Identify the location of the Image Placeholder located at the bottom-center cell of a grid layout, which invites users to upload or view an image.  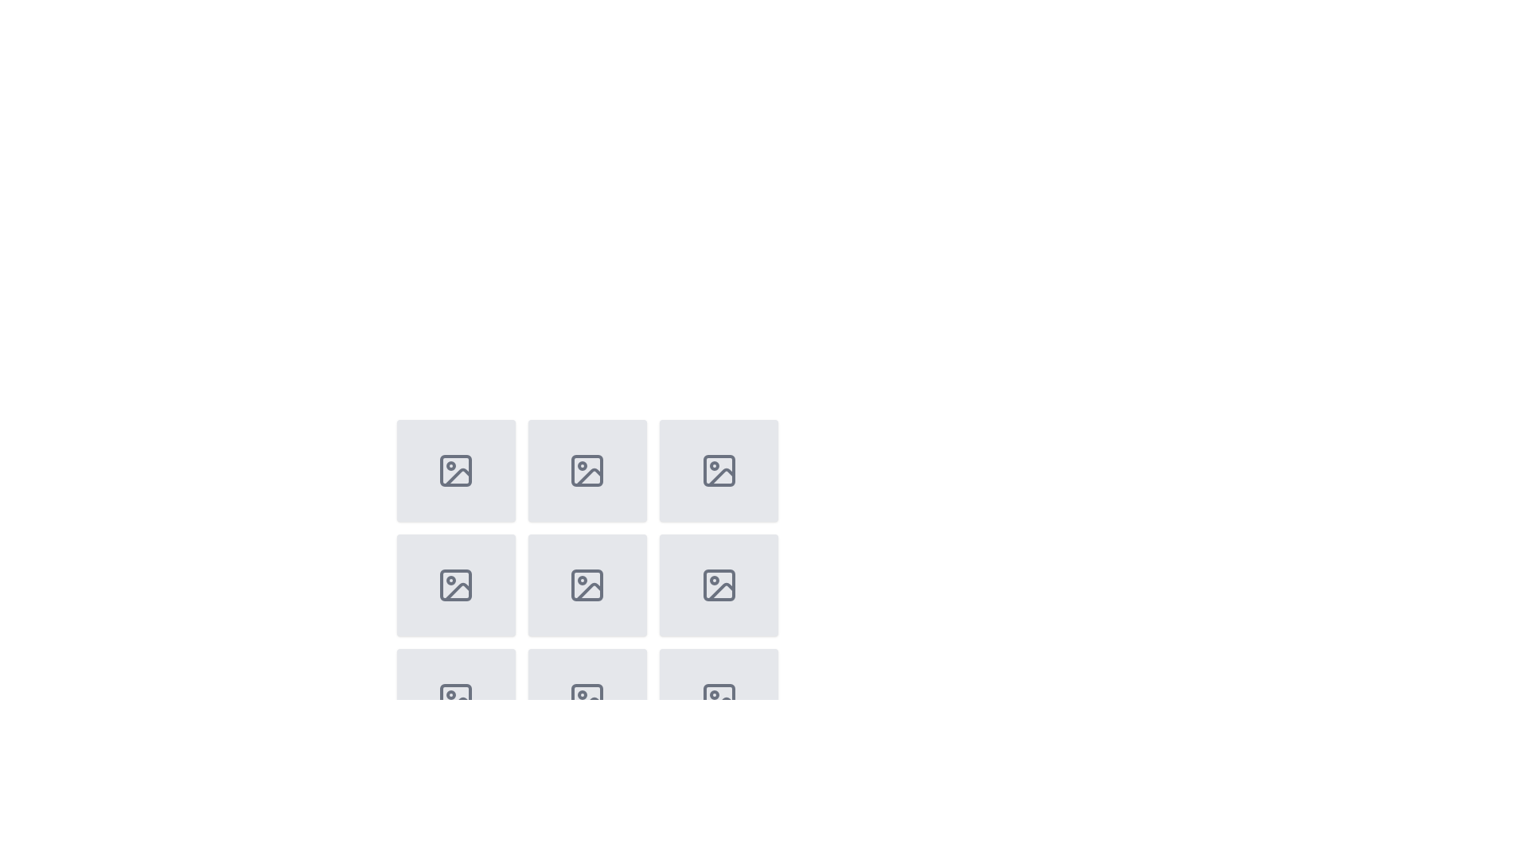
(587, 698).